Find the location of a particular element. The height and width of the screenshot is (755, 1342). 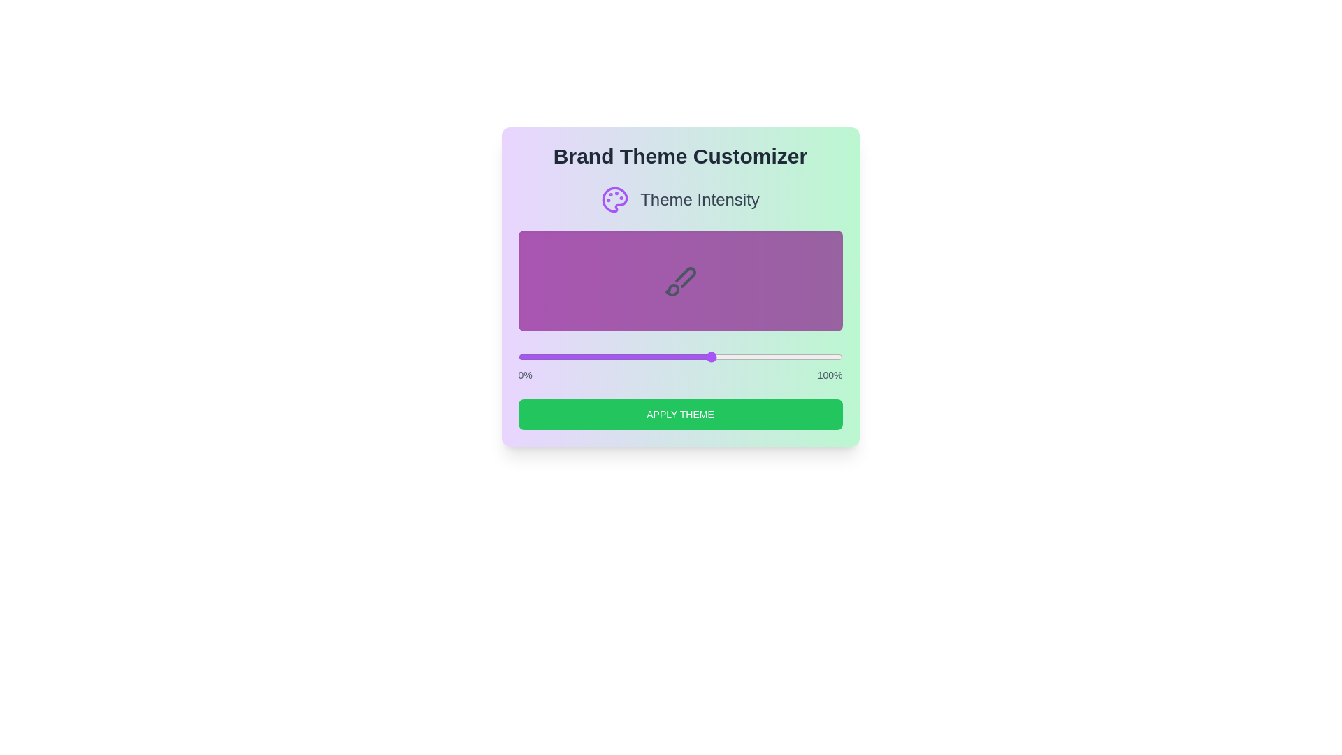

the slider to set the theme intensity to 26% is located at coordinates (603, 356).